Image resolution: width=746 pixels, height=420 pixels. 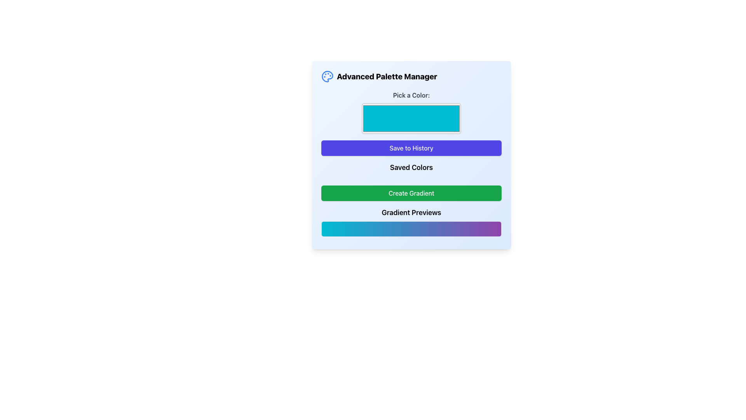 What do you see at coordinates (411, 148) in the screenshot?
I see `the save color button located centrally below the 'Pick a Color' field and above the 'Saved Colors' label` at bounding box center [411, 148].